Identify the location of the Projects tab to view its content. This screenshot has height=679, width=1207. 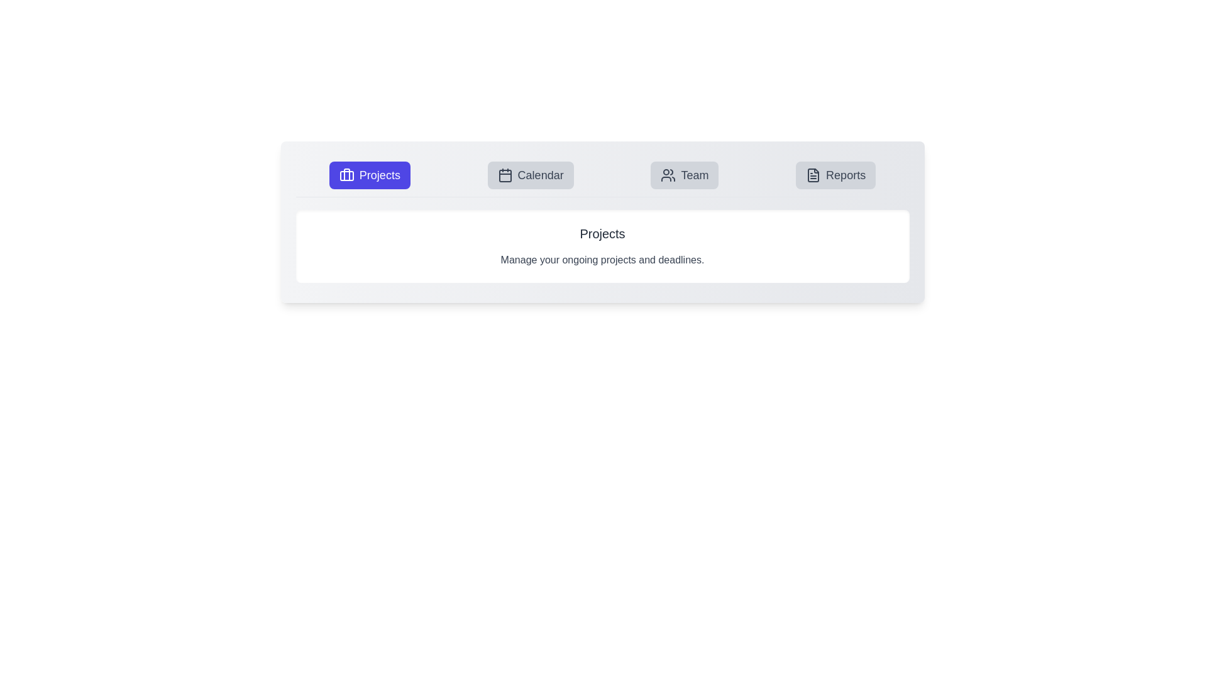
(369, 175).